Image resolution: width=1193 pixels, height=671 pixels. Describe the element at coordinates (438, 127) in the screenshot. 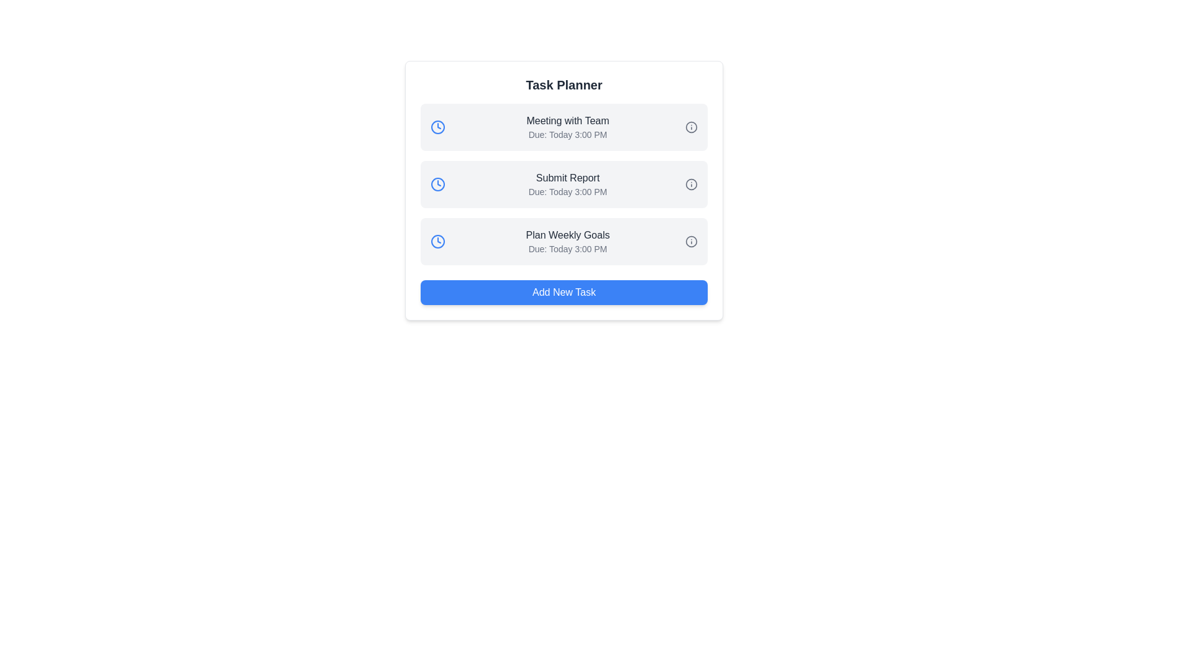

I see `the circular outline of the clock icon, which indicates the time for the 'Meeting with Team' task in the Task Planner` at that location.